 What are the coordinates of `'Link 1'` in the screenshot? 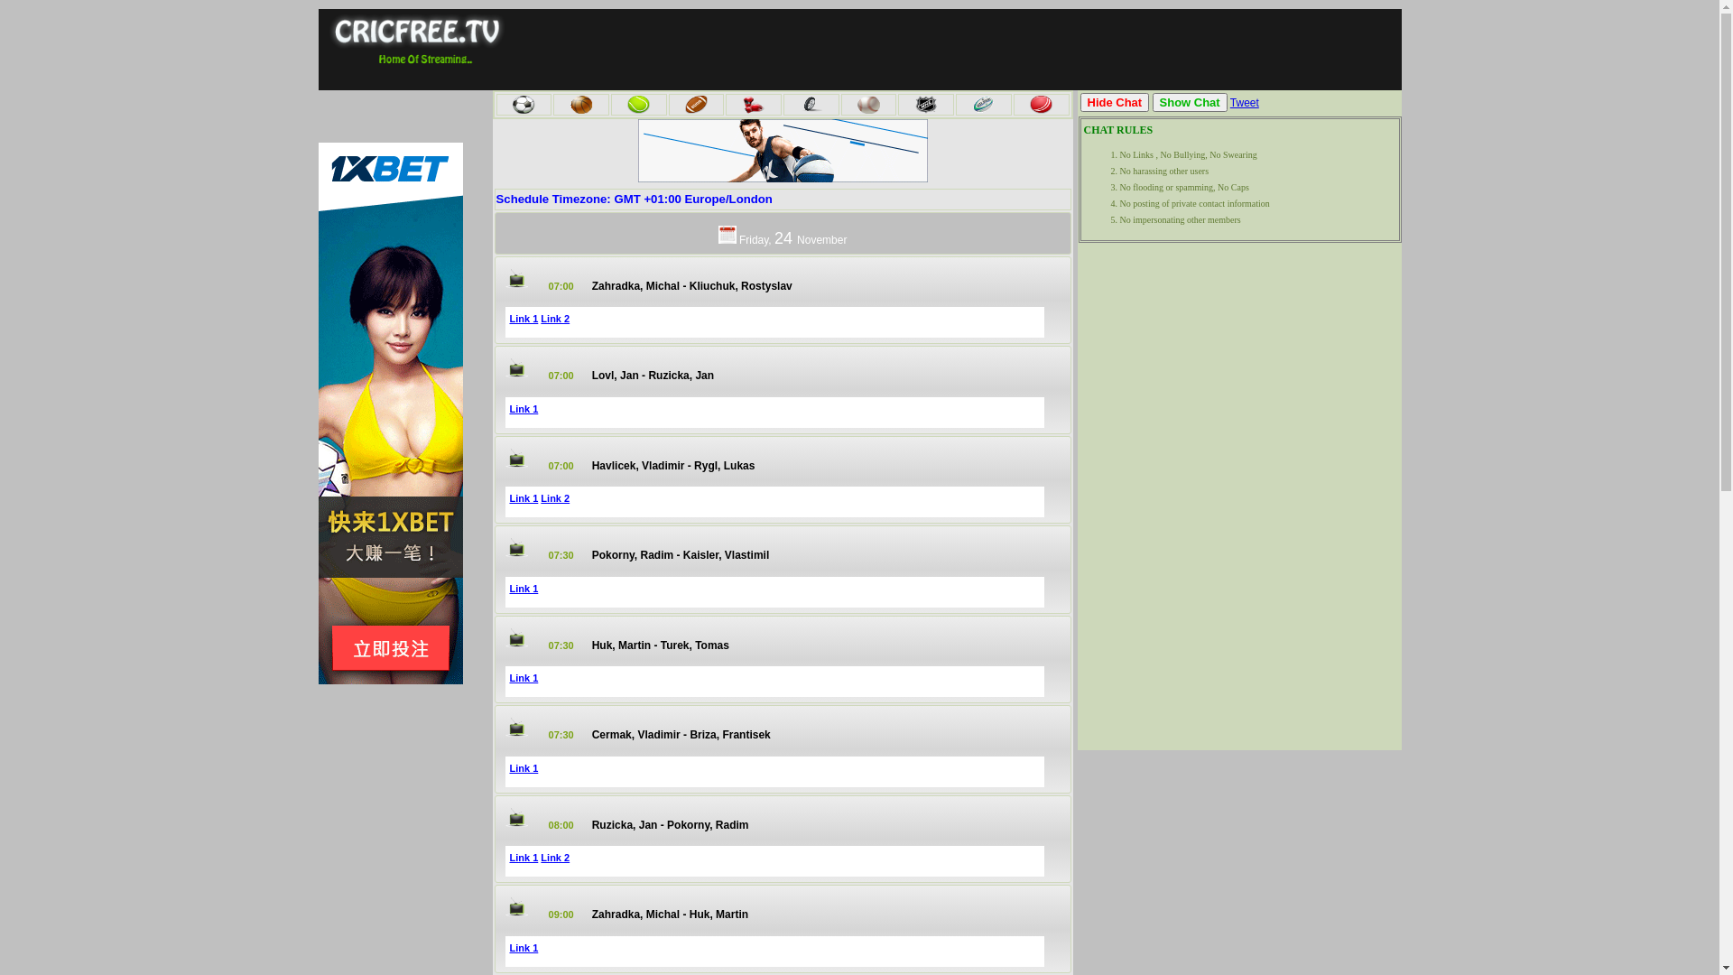 It's located at (523, 946).